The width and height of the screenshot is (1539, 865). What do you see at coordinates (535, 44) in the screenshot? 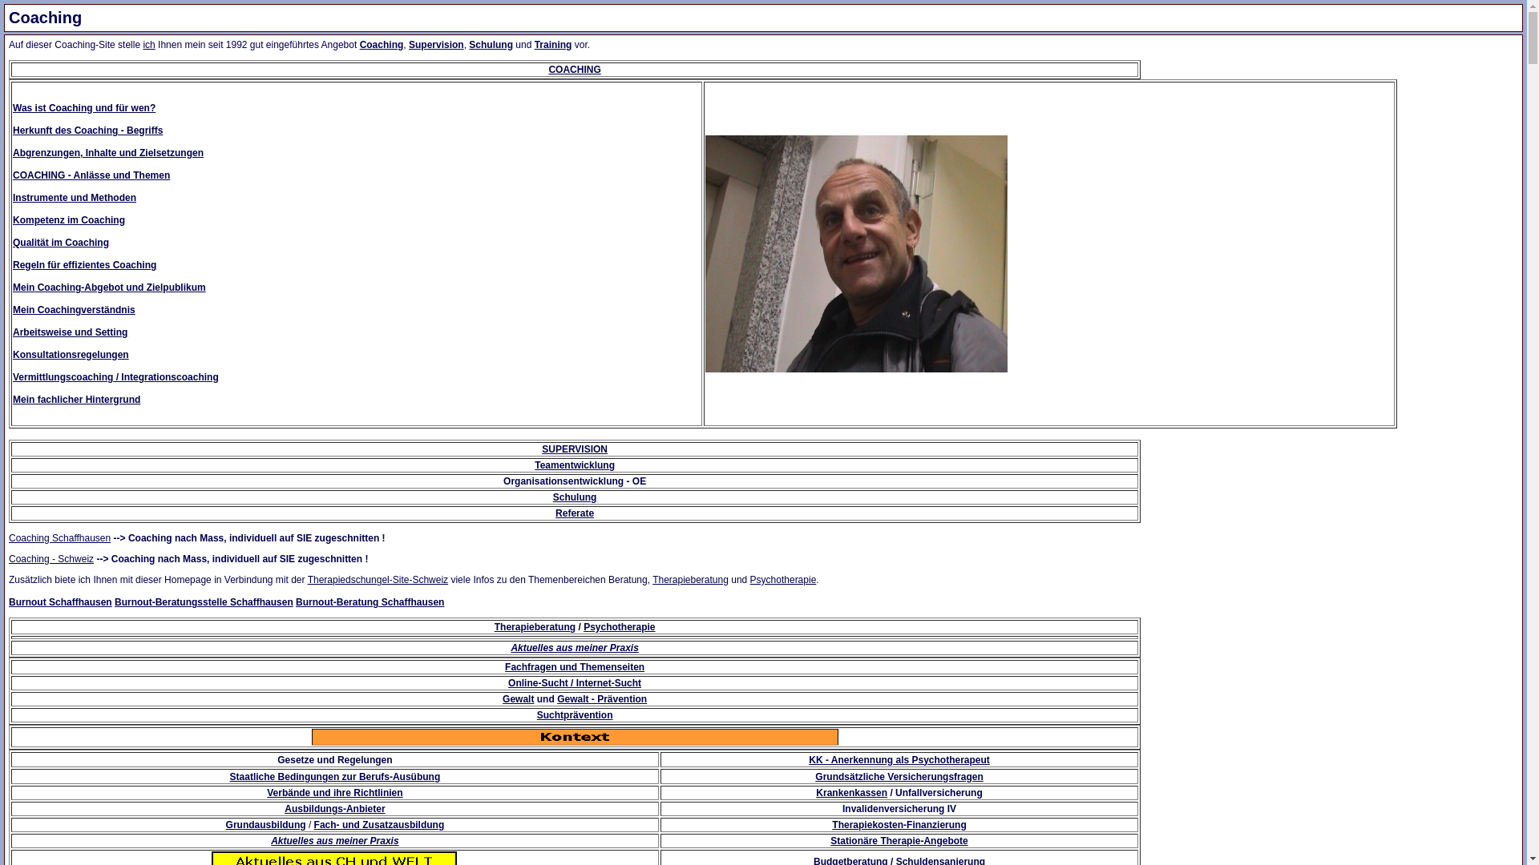
I see `'Training'` at bounding box center [535, 44].